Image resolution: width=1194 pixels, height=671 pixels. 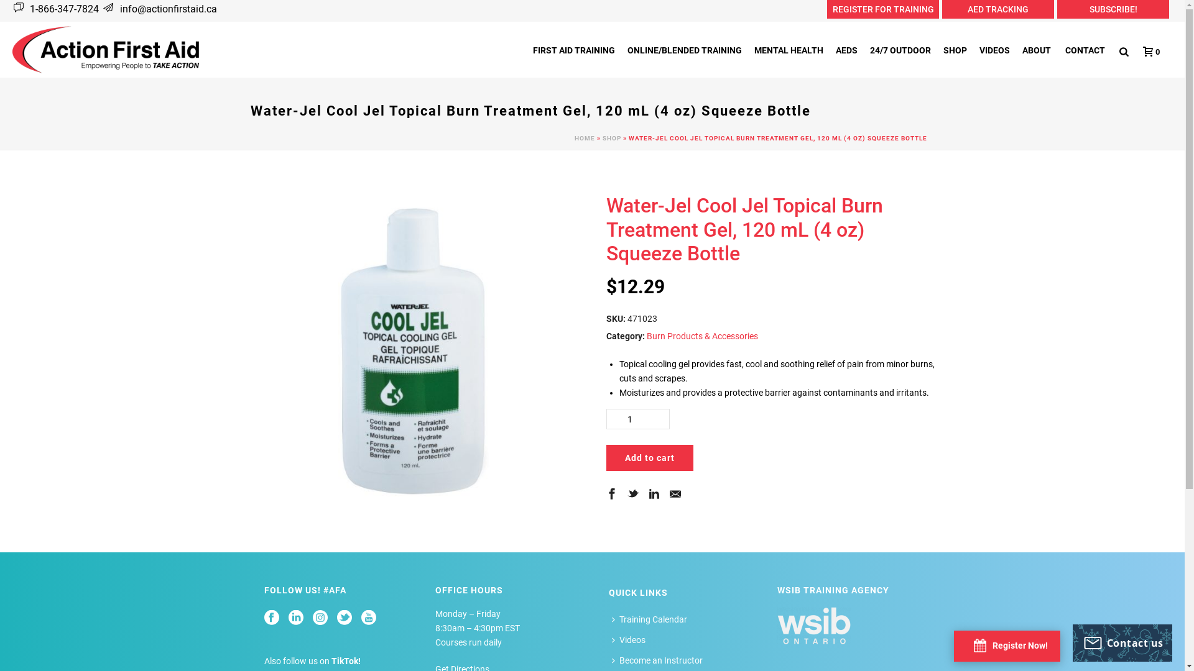 I want to click on 'AEDS', so click(x=846, y=50).